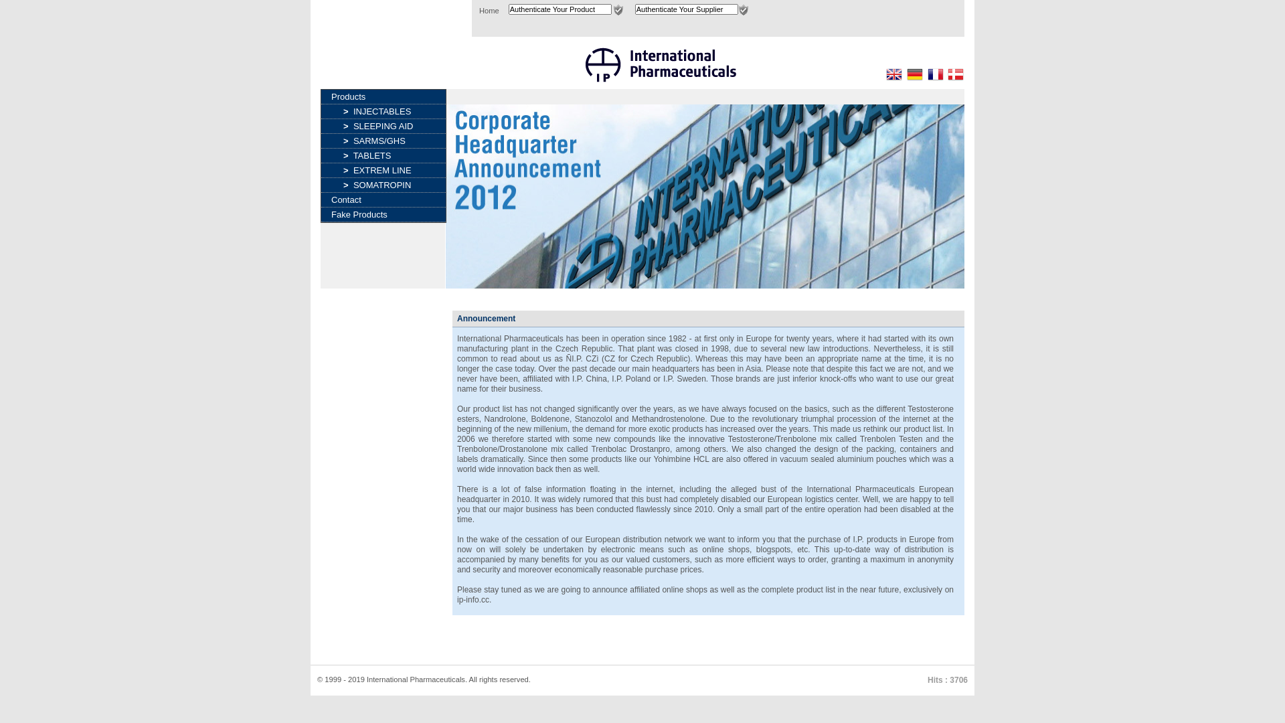 The width and height of the screenshot is (1285, 723). What do you see at coordinates (321, 126) in the screenshot?
I see `'     >  SLEEPING AID'` at bounding box center [321, 126].